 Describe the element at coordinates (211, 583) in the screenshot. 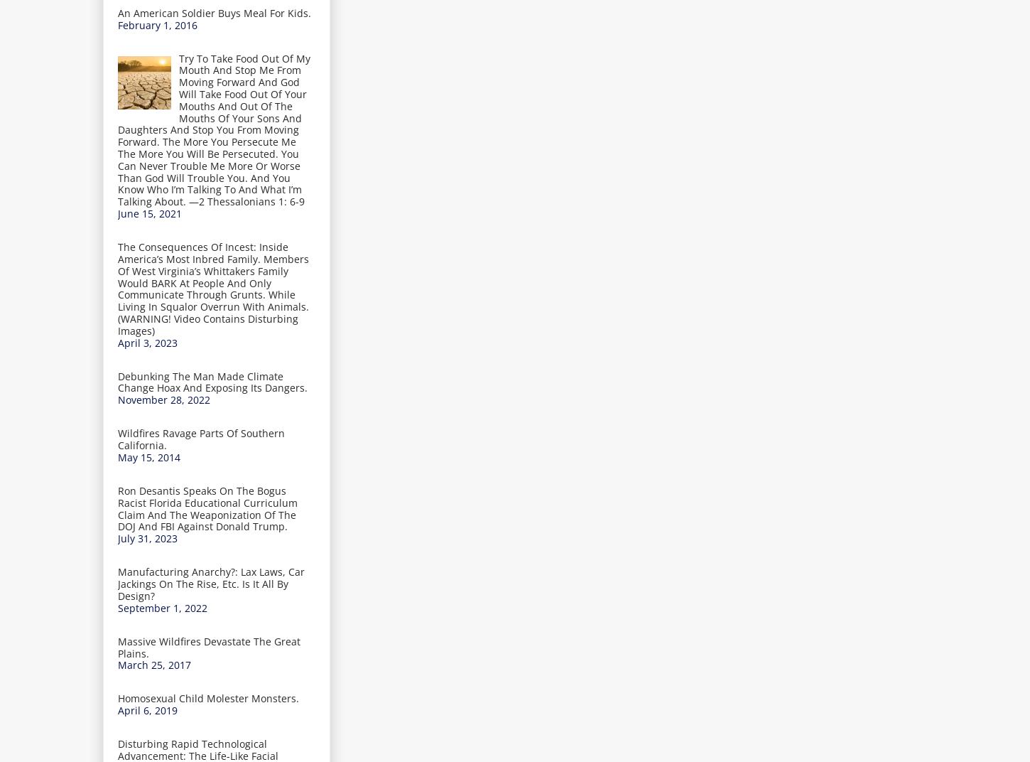

I see `'Manufacturing Anarchy?: Lax Laws, Car Jackings On The Rise, Etc. Is It All By Design?'` at that location.